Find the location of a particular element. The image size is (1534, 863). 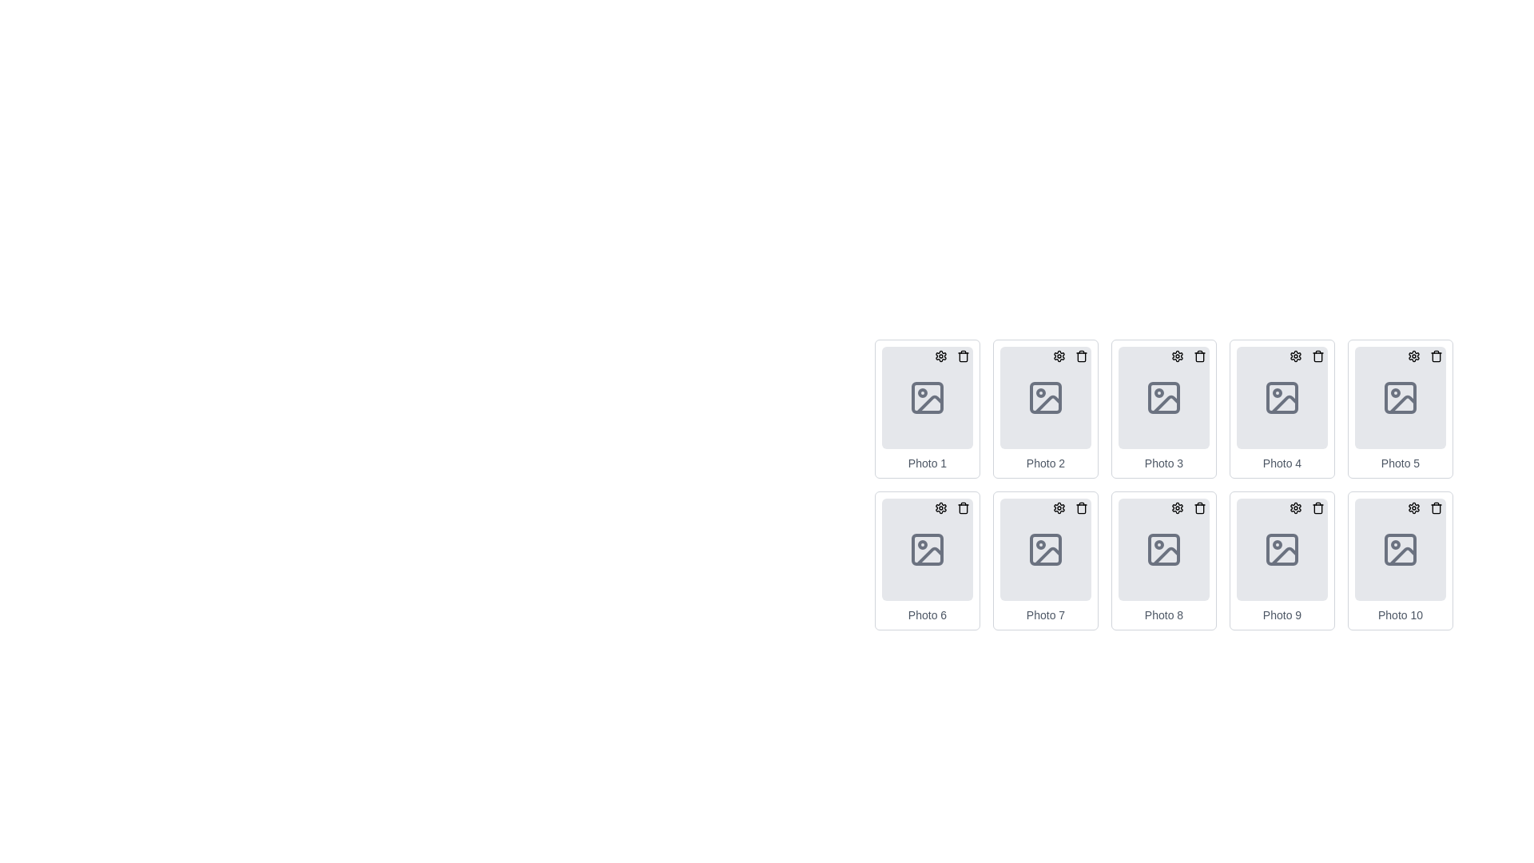

the icon resembling a minimalistic image representation with a sun or moon symbol, located in the 'Photo 8' card, positioned in the eighth spot of a grid layout is located at coordinates (1164, 548).